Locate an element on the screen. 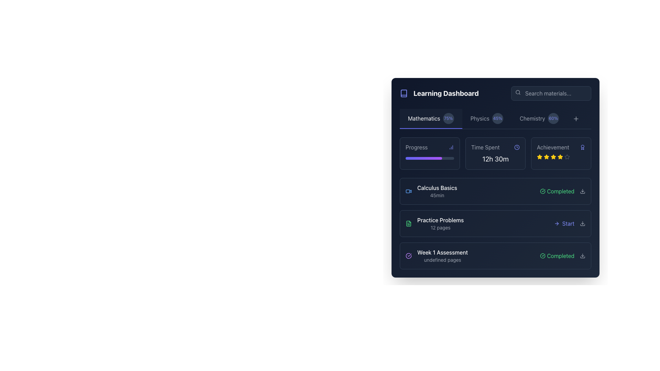 This screenshot has height=371, width=660. the fifth star in the six-star rating system located in the 'Achievement' section of the top panel under the 'Time Spent' field is located at coordinates (560, 157).